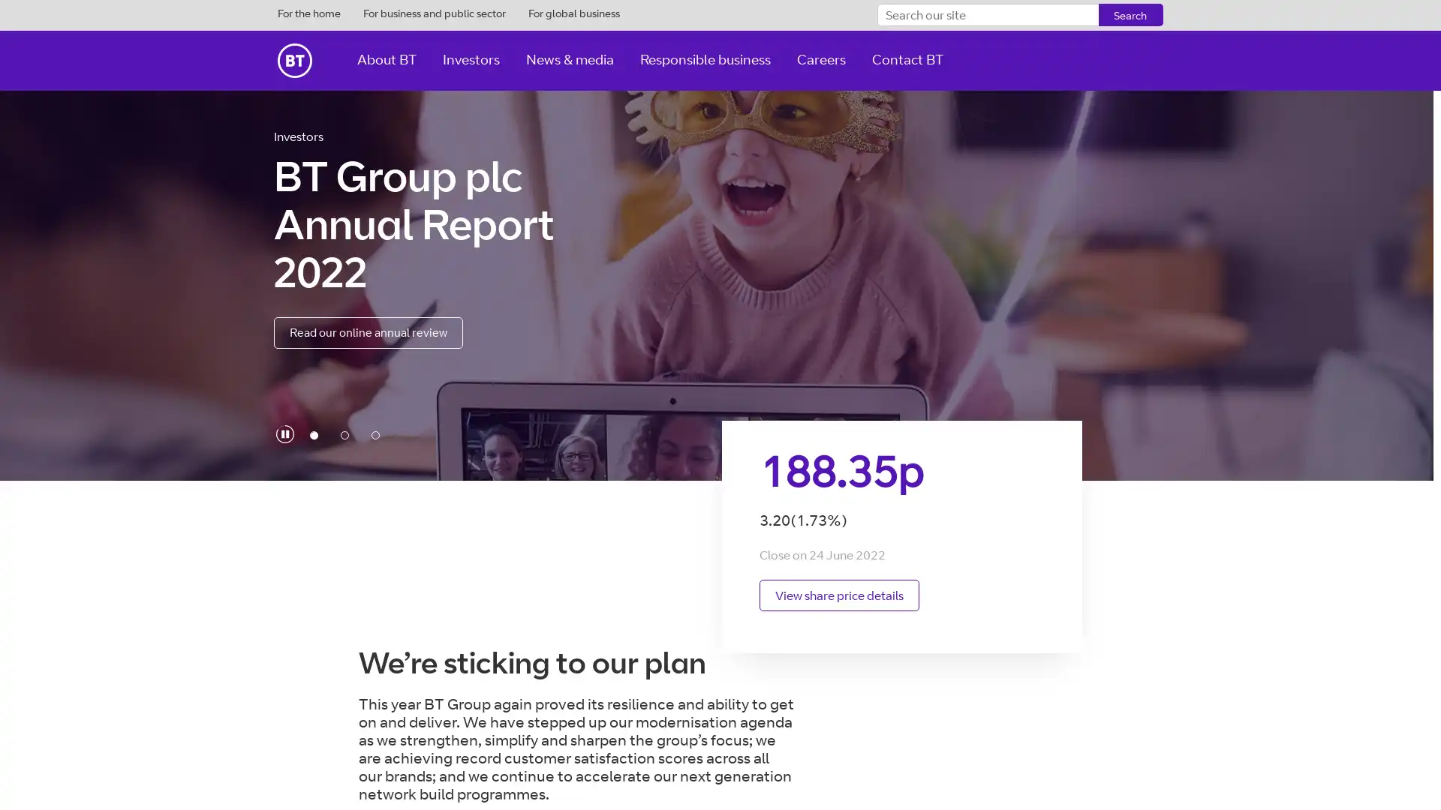 The height and width of the screenshot is (810, 1441). I want to click on BT Group plc Annual Report 2022, so click(313, 435).